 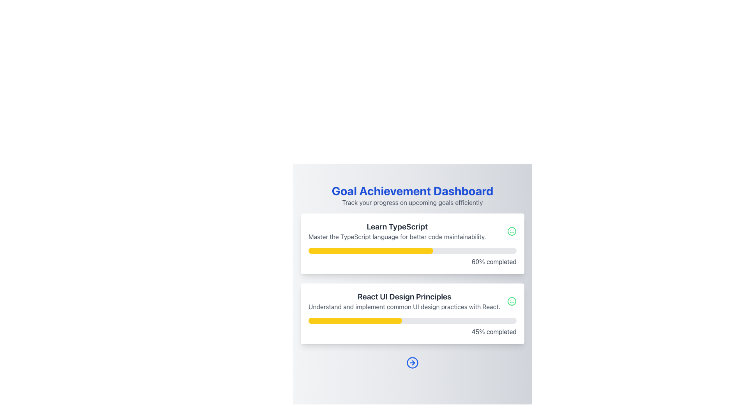 I want to click on text 'Master the TypeScript language for better code maintainability.' located in the card layout beneath 'Learn TypeScript', so click(x=397, y=236).